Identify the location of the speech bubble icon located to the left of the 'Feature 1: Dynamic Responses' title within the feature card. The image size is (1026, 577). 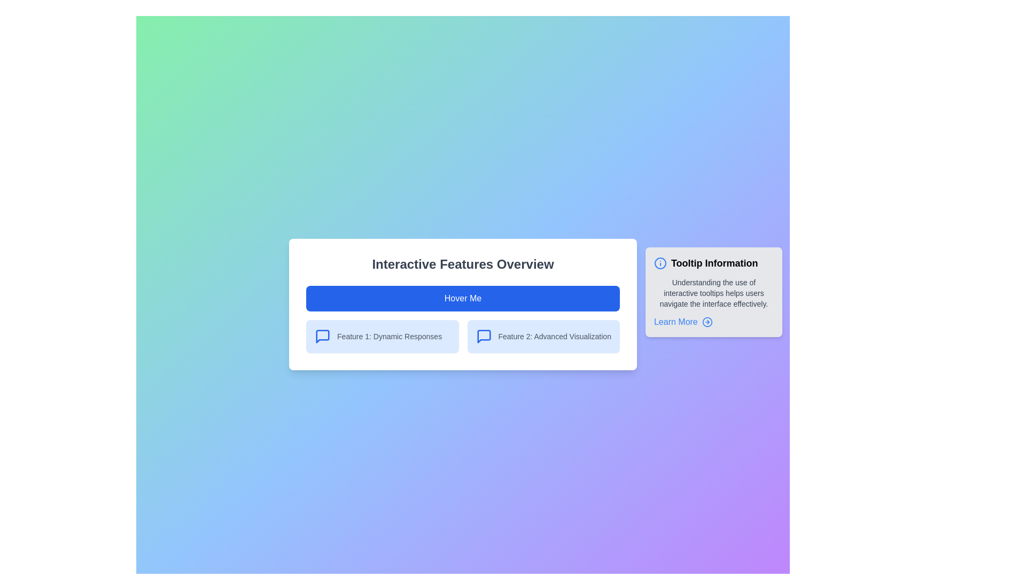
(322, 336).